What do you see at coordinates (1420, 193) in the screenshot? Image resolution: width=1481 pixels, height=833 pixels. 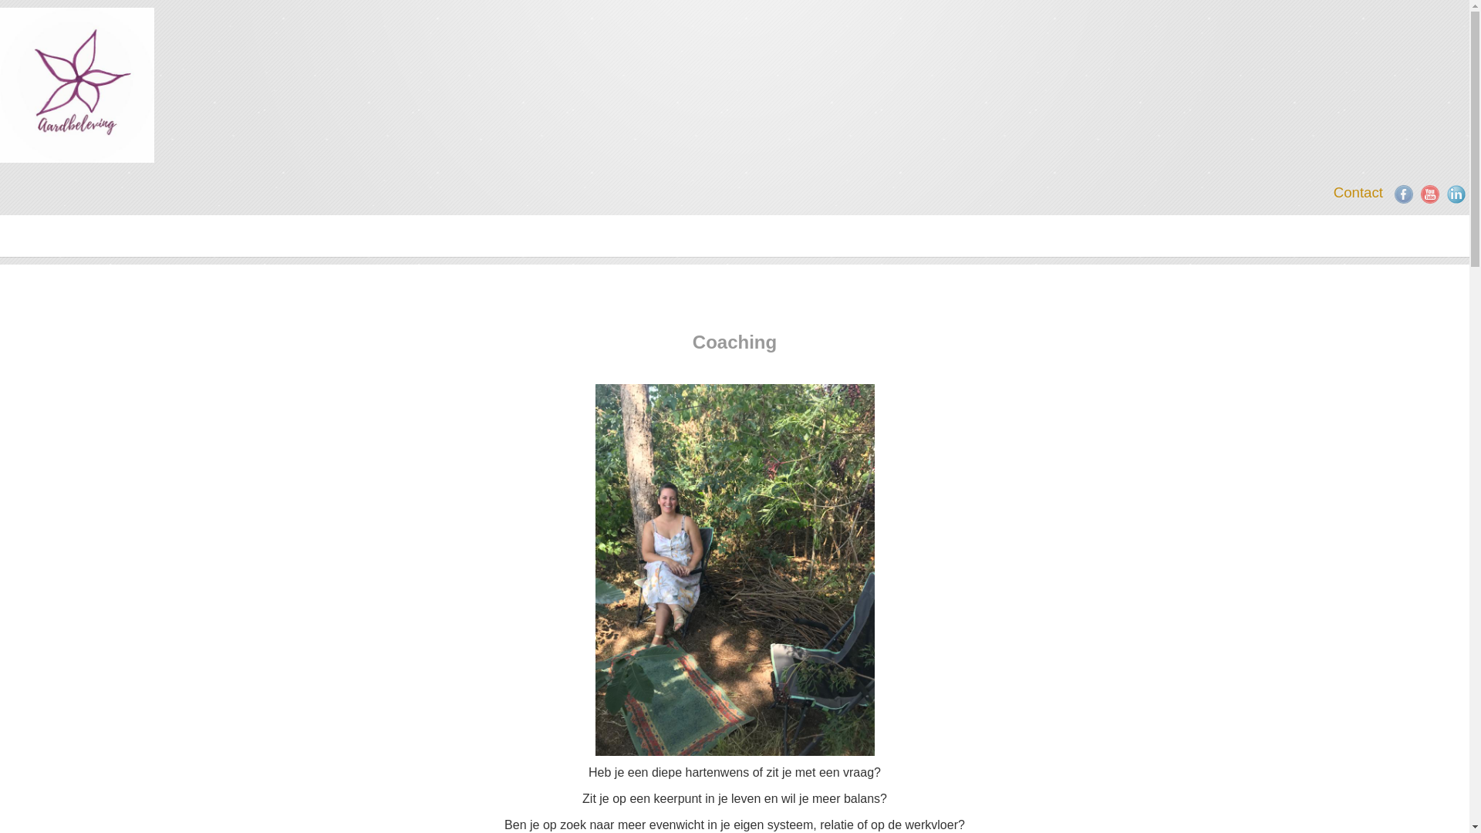 I see `'YouTube'` at bounding box center [1420, 193].